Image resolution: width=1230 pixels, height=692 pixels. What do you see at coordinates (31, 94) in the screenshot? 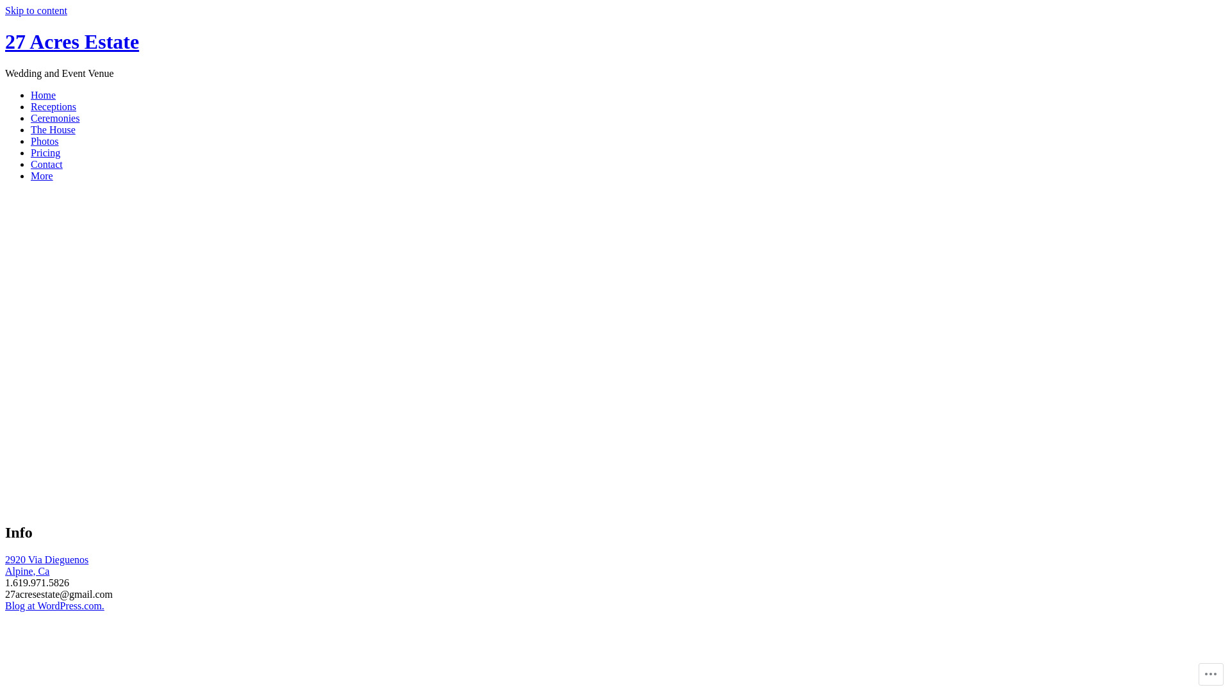
I see `'Home'` at bounding box center [31, 94].